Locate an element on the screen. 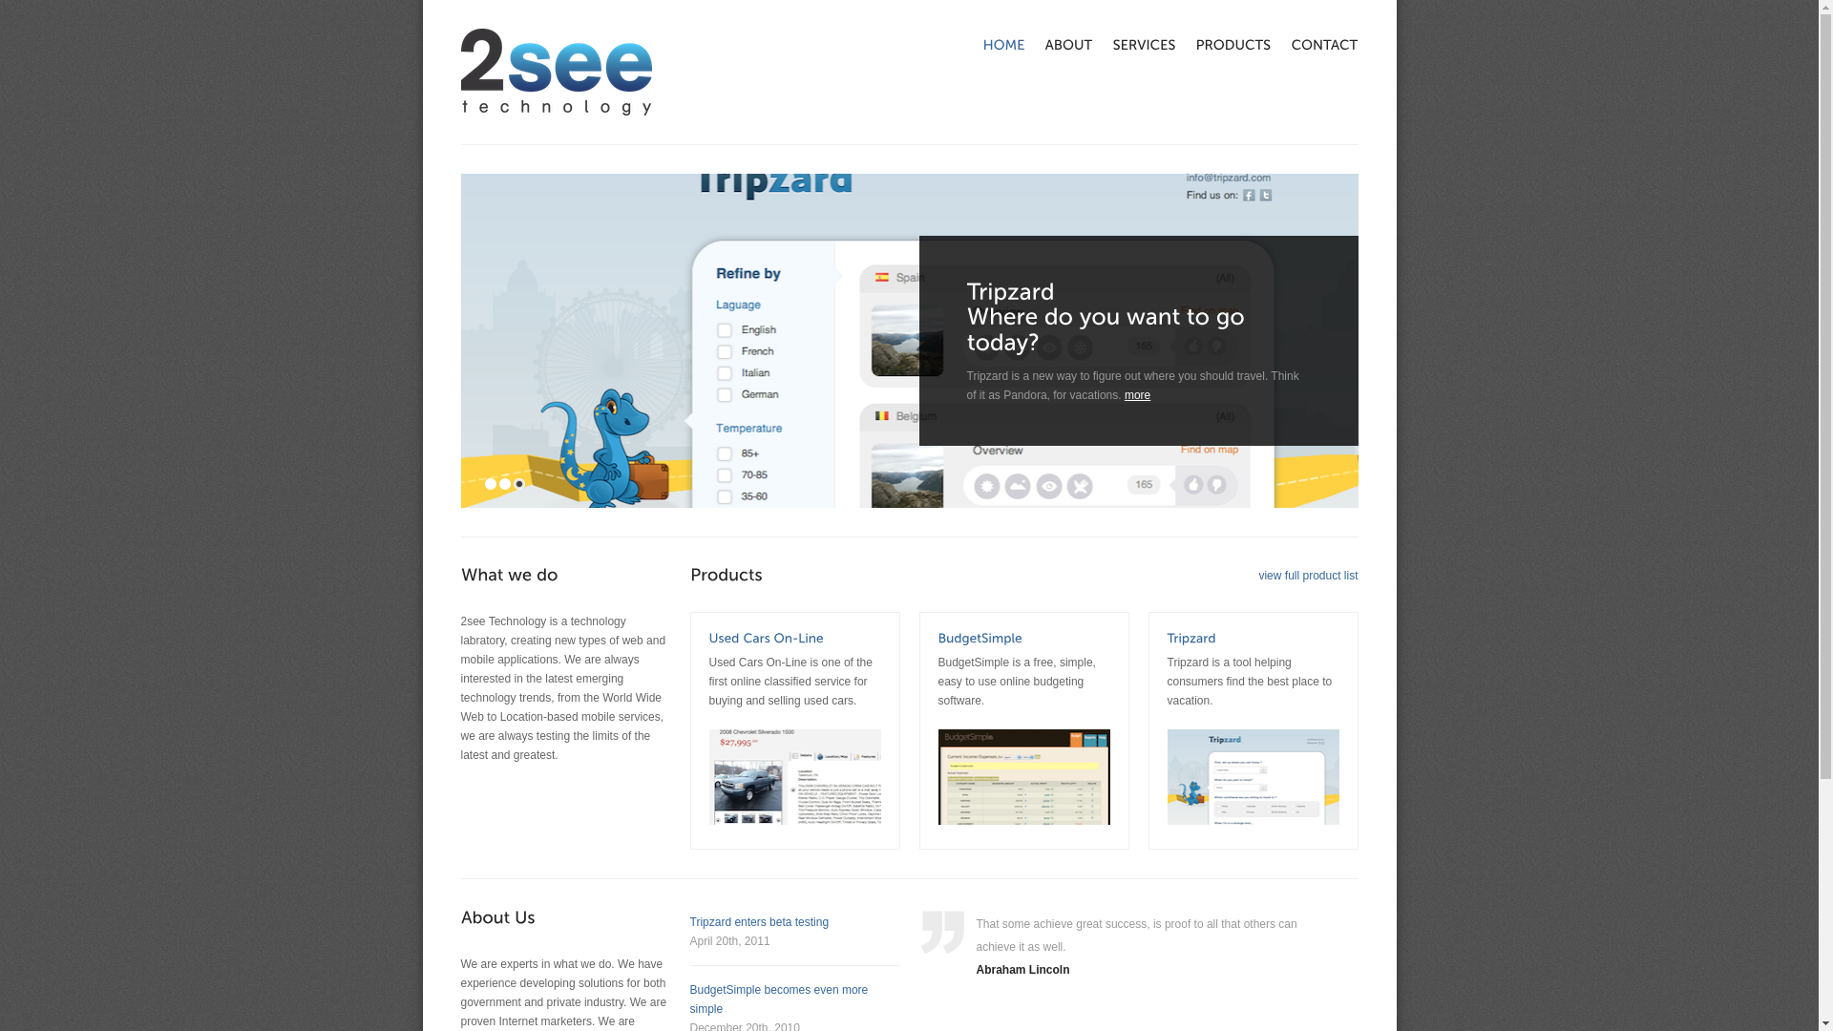  '2' is located at coordinates (498, 482).